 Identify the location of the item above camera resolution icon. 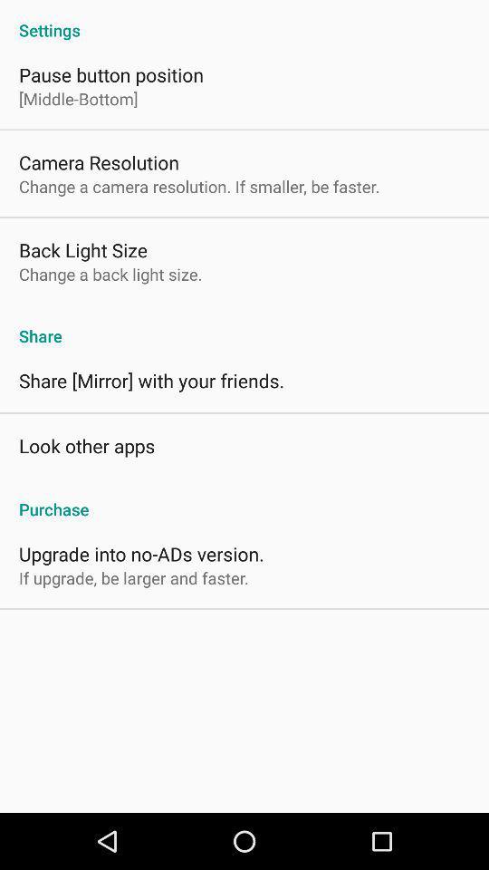
(77, 99).